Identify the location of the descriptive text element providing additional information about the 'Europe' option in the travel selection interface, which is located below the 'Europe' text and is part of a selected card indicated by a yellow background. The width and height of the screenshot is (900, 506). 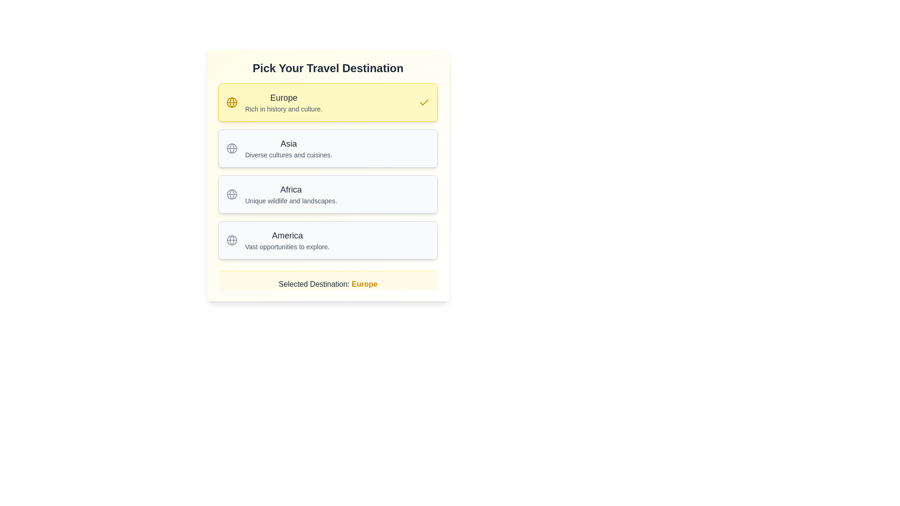
(283, 108).